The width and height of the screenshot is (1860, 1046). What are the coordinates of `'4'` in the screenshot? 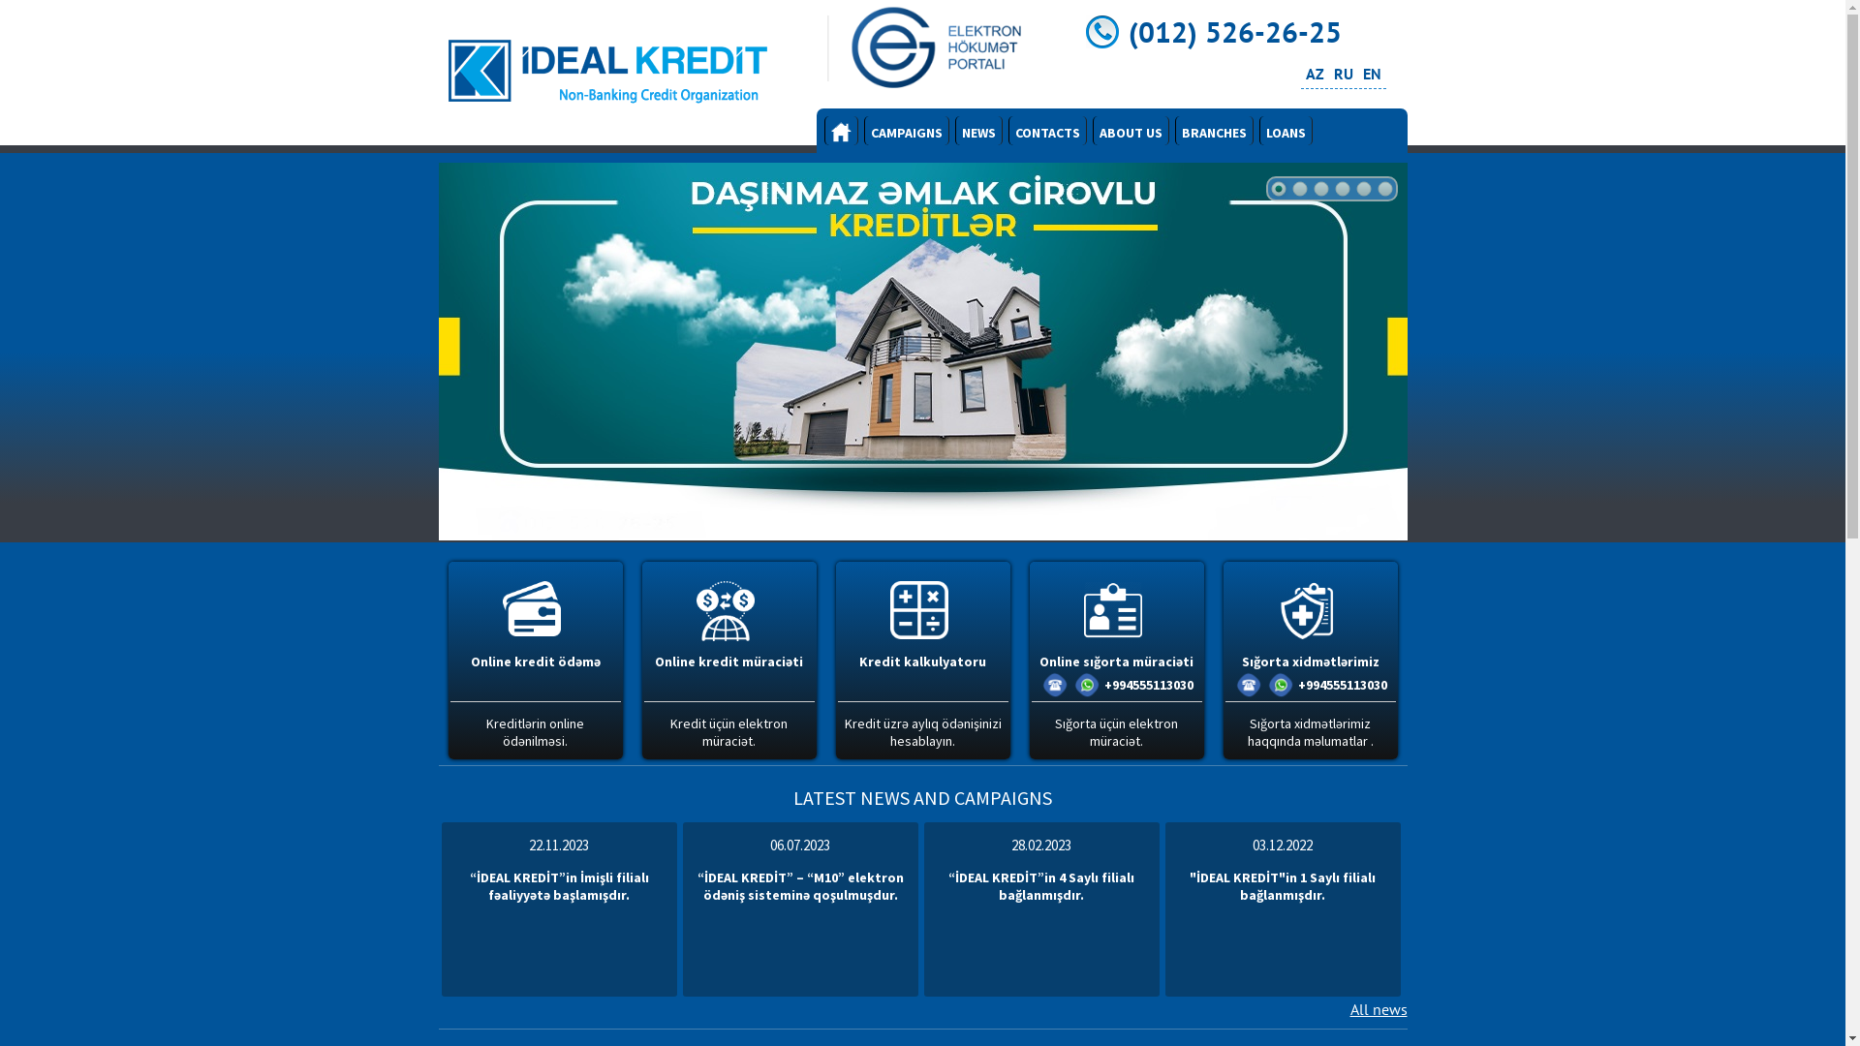 It's located at (1341, 189).